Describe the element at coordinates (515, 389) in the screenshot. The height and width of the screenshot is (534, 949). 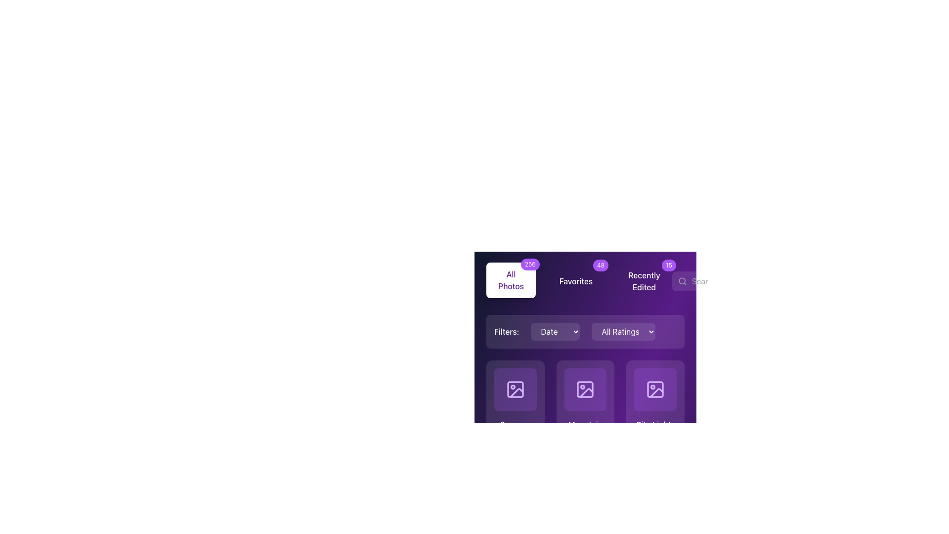
I see `the SVG Icon representing an image file, which is styled in purple and located in the first row and second column of the grid layout` at that location.